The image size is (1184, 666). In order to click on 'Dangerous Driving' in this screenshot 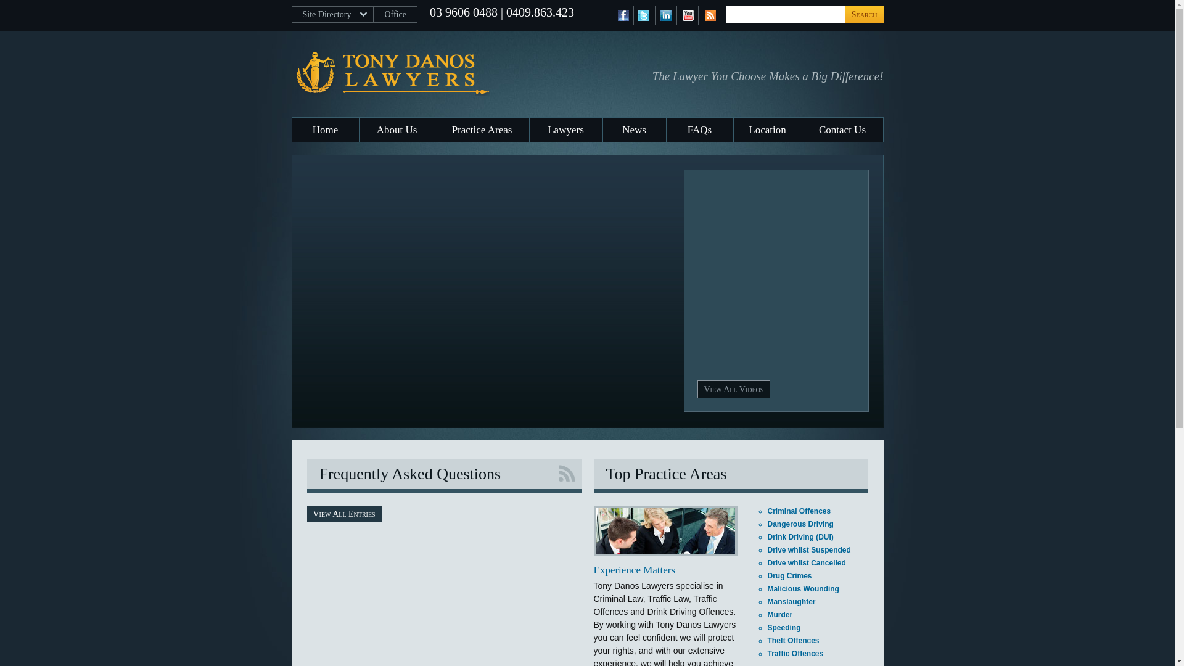, I will do `click(800, 524)`.